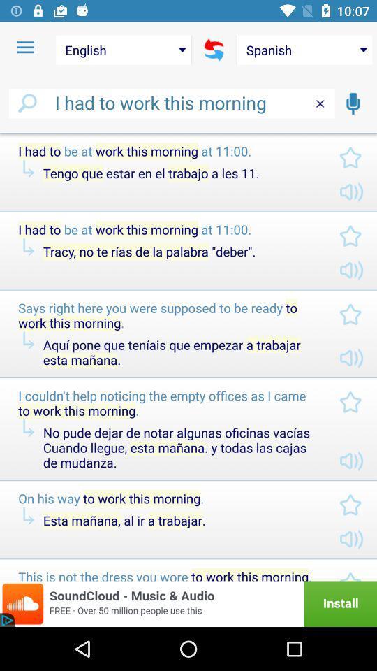 This screenshot has height=671, width=377. I want to click on the english, so click(124, 50).